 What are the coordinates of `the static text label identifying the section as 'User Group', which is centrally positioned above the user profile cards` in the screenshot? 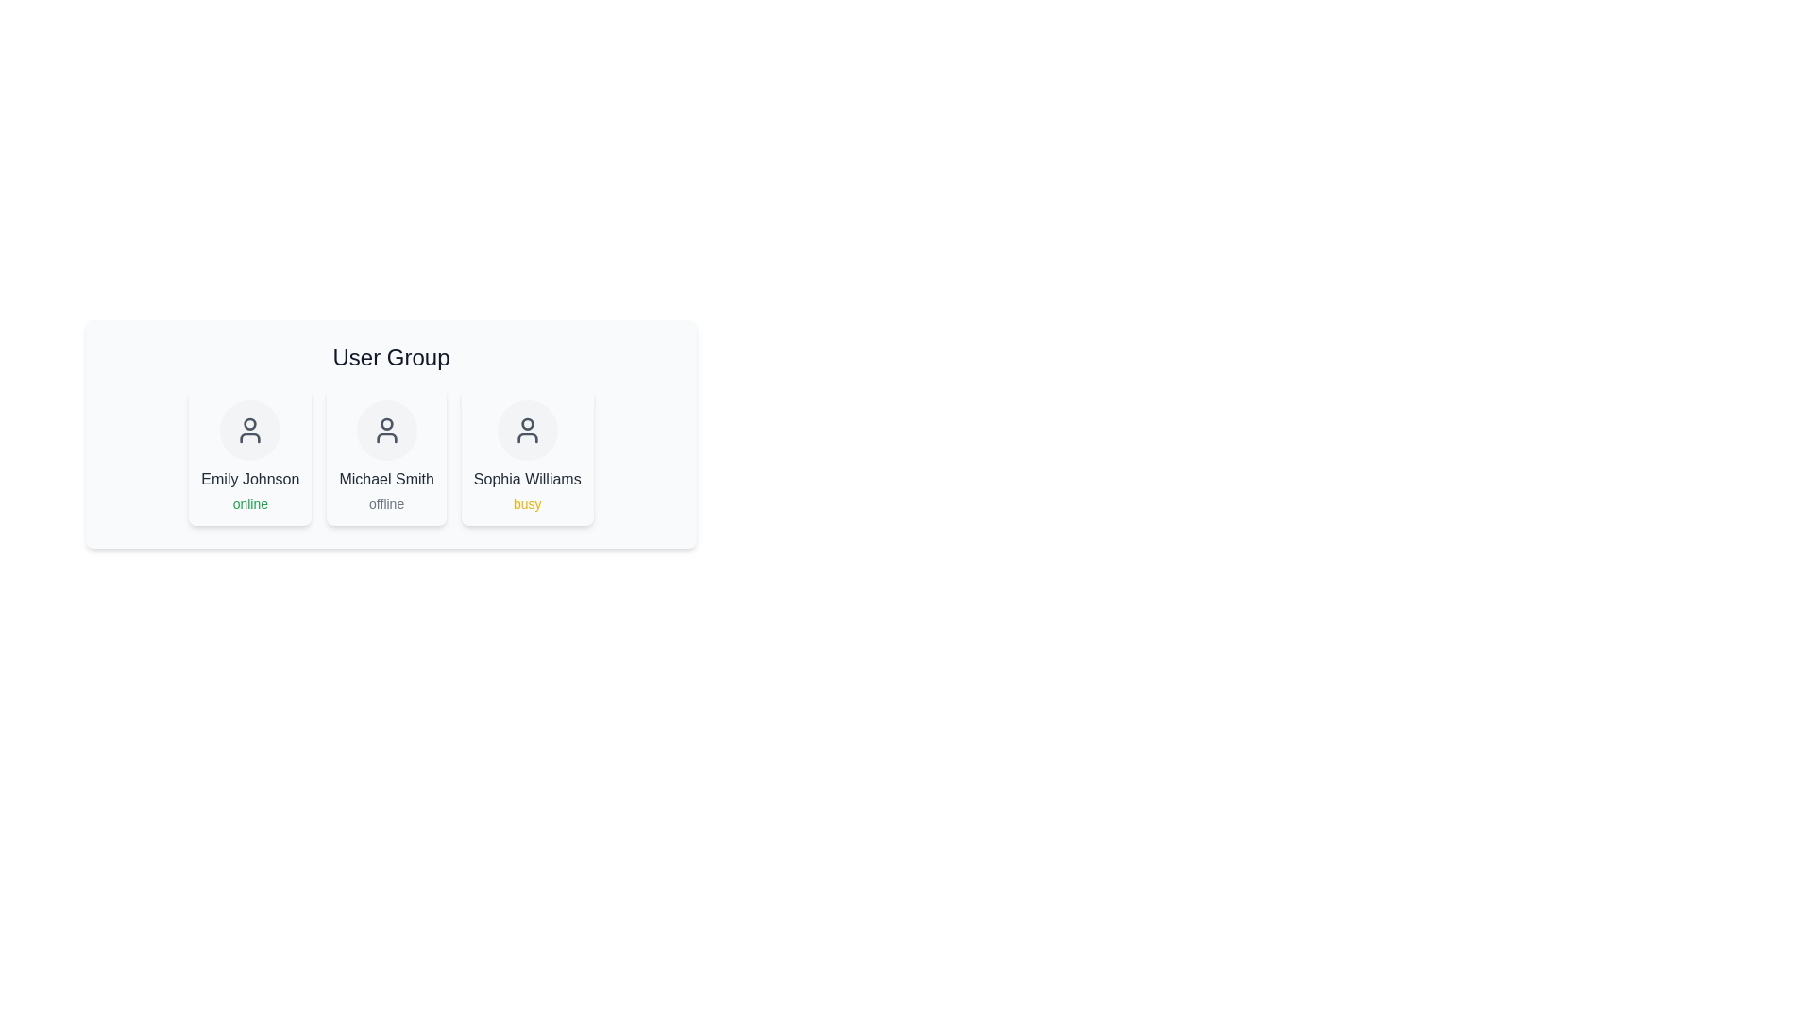 It's located at (390, 357).